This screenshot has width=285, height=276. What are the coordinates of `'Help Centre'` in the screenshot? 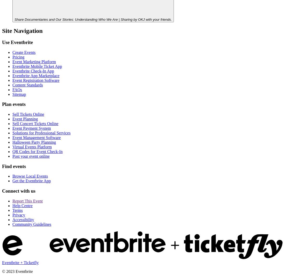 It's located at (22, 205).